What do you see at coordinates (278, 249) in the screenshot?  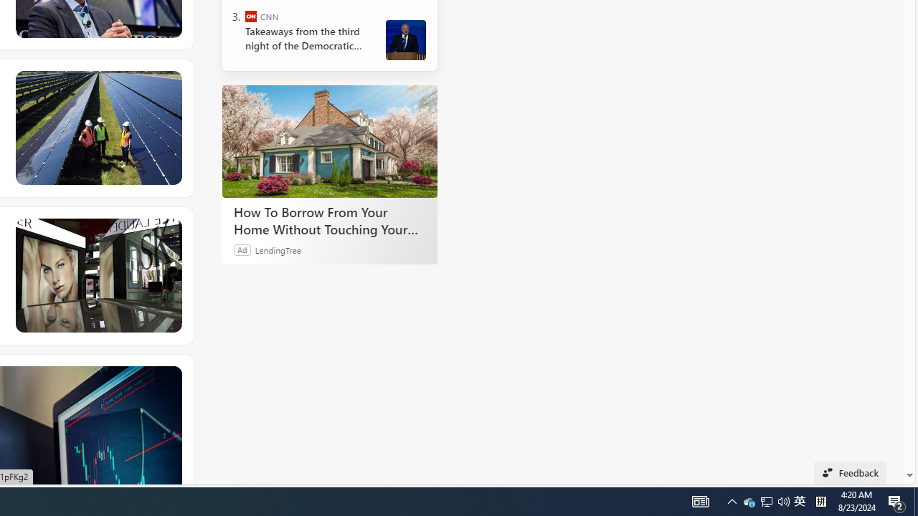 I see `'LendingTree'` at bounding box center [278, 249].